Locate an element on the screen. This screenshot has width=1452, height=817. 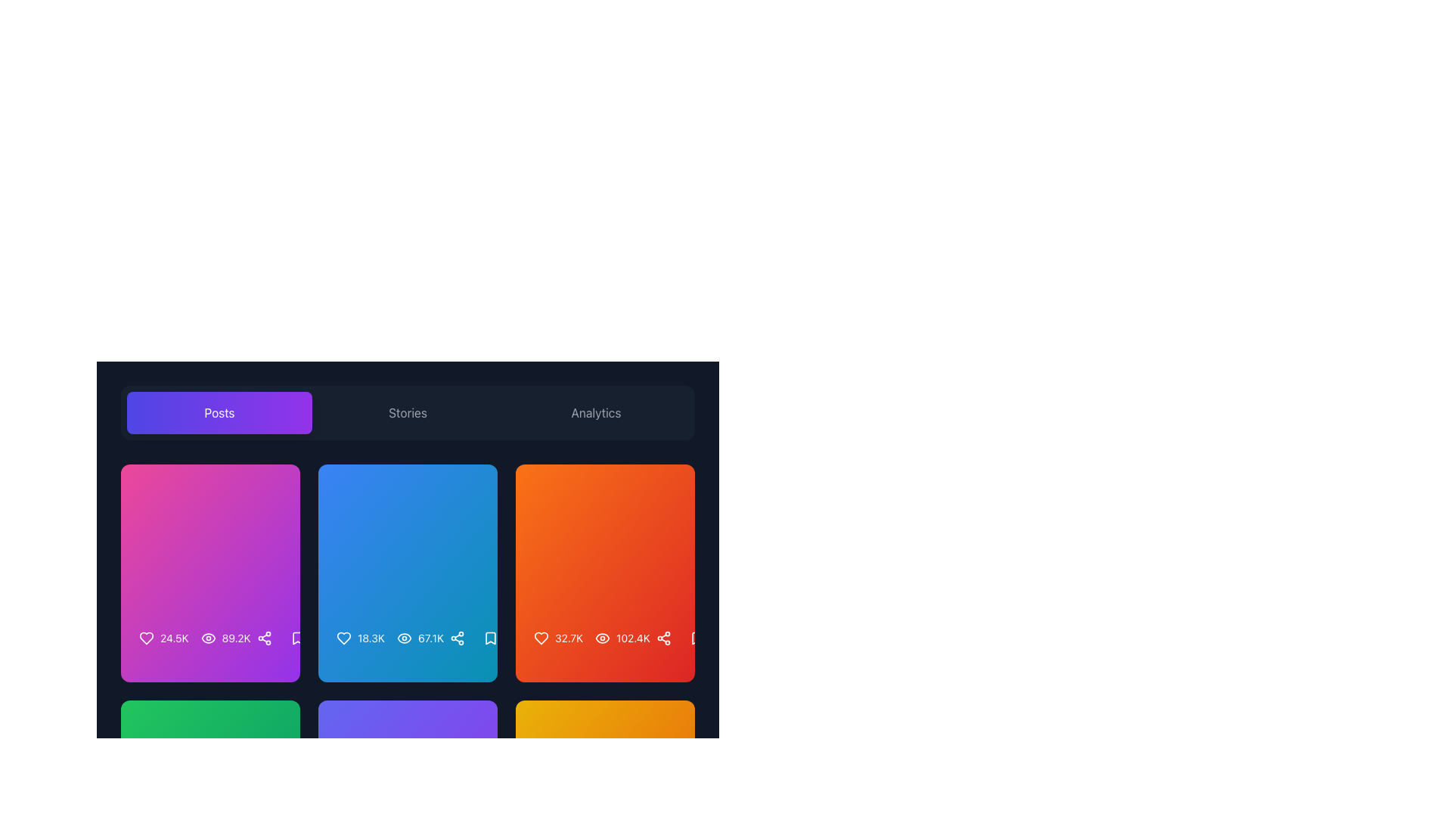
the compact component displaying a white heart icon and the text '32.7K' on a rich orange background to trigger the tooltip is located at coordinates (557, 638).